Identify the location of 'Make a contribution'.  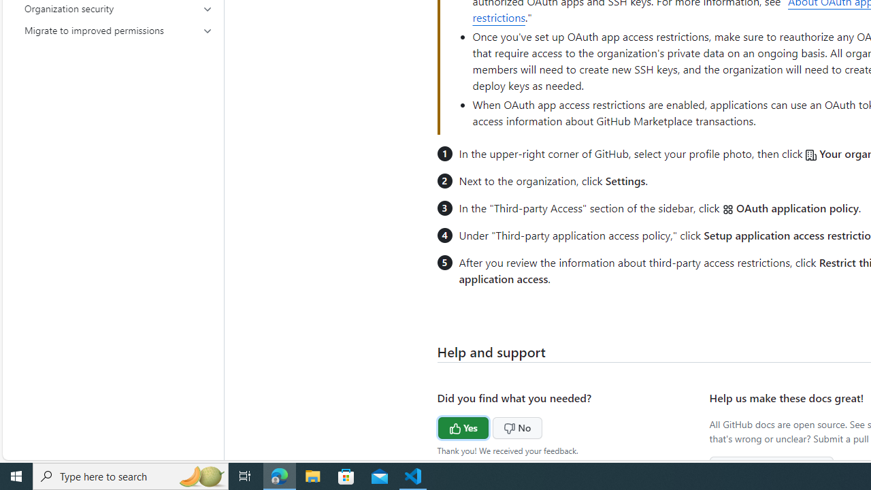
(772, 466).